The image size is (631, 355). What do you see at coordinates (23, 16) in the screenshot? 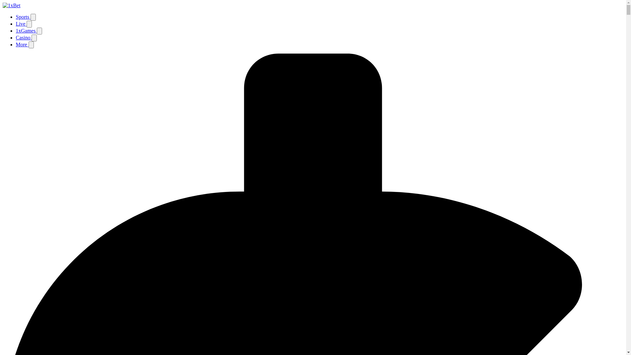
I see `'Sports'` at bounding box center [23, 16].